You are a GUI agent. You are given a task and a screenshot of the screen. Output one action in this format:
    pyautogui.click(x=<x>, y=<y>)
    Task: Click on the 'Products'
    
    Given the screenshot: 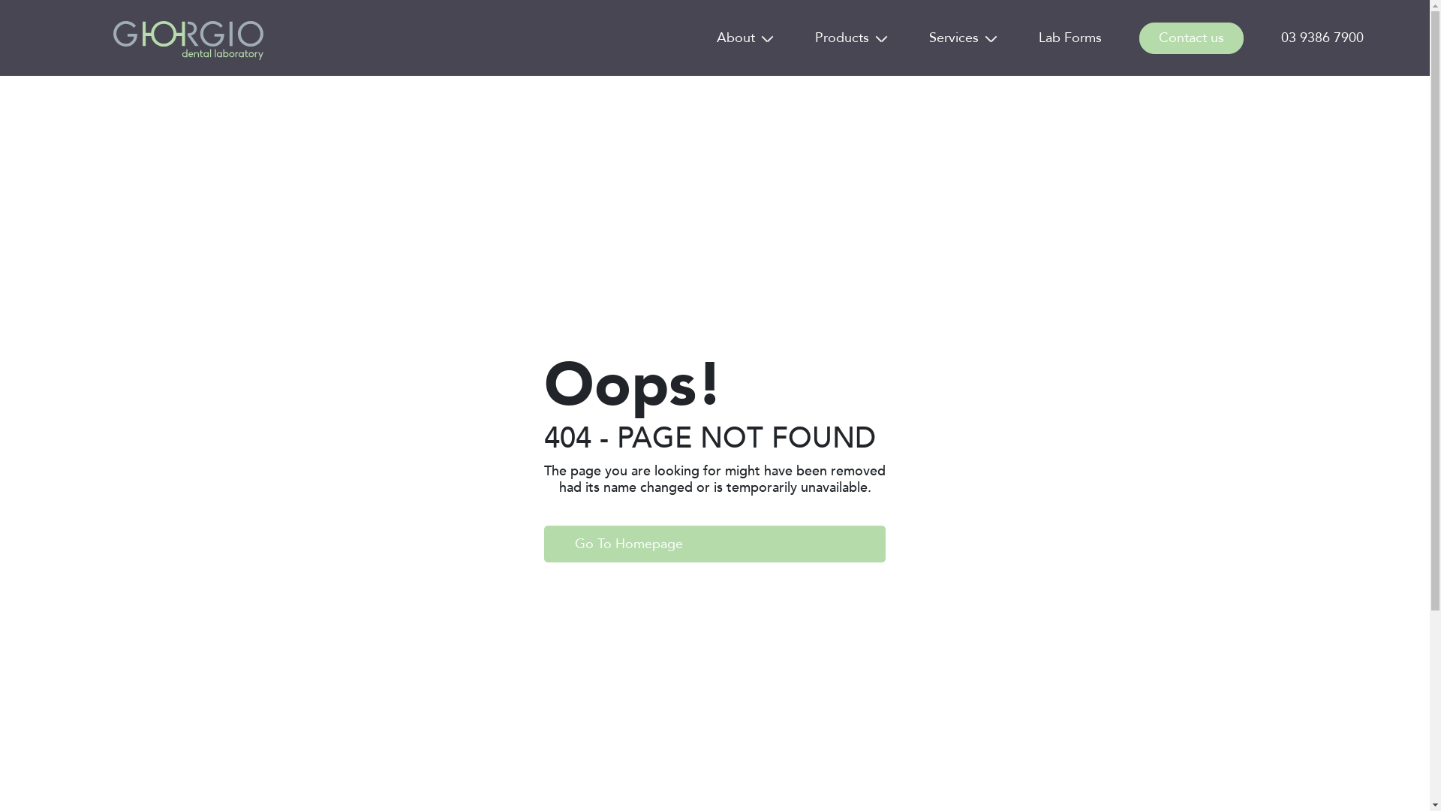 What is the action you would take?
    pyautogui.click(x=842, y=37)
    